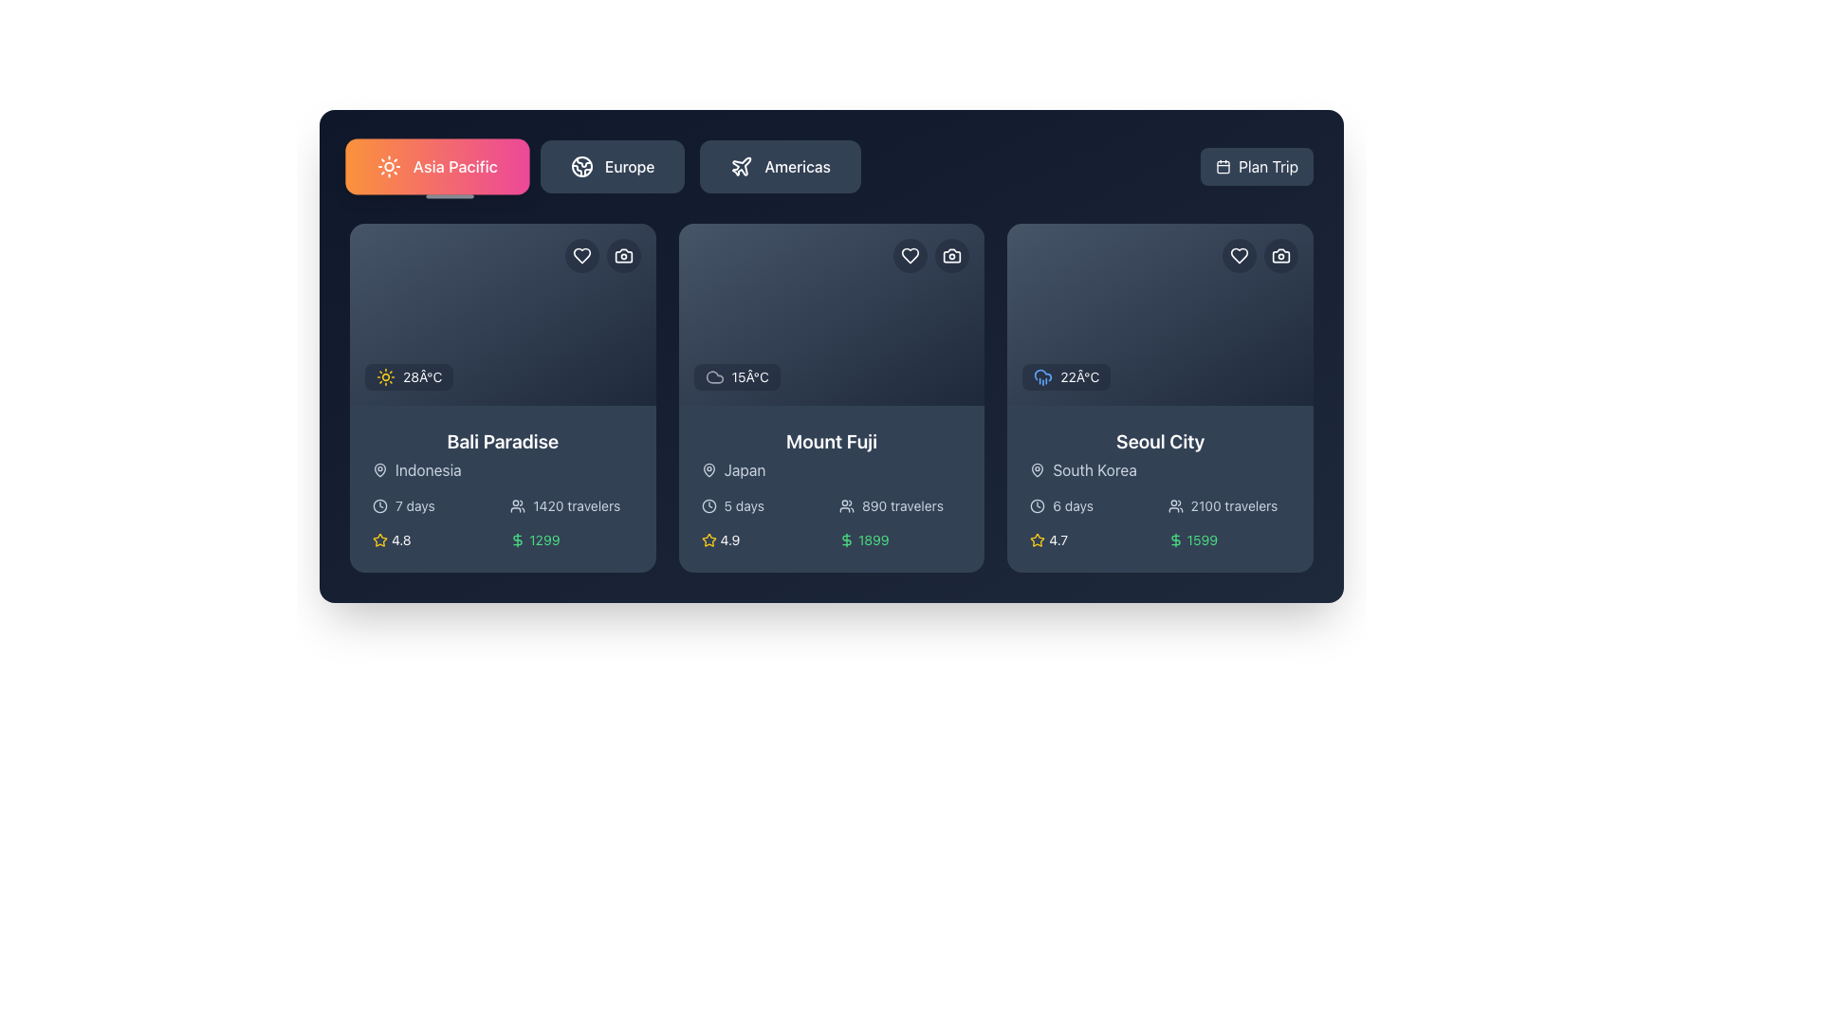  Describe the element at coordinates (1037, 469) in the screenshot. I see `the map pin icon located to the left of the text label 'South Korea'` at that location.